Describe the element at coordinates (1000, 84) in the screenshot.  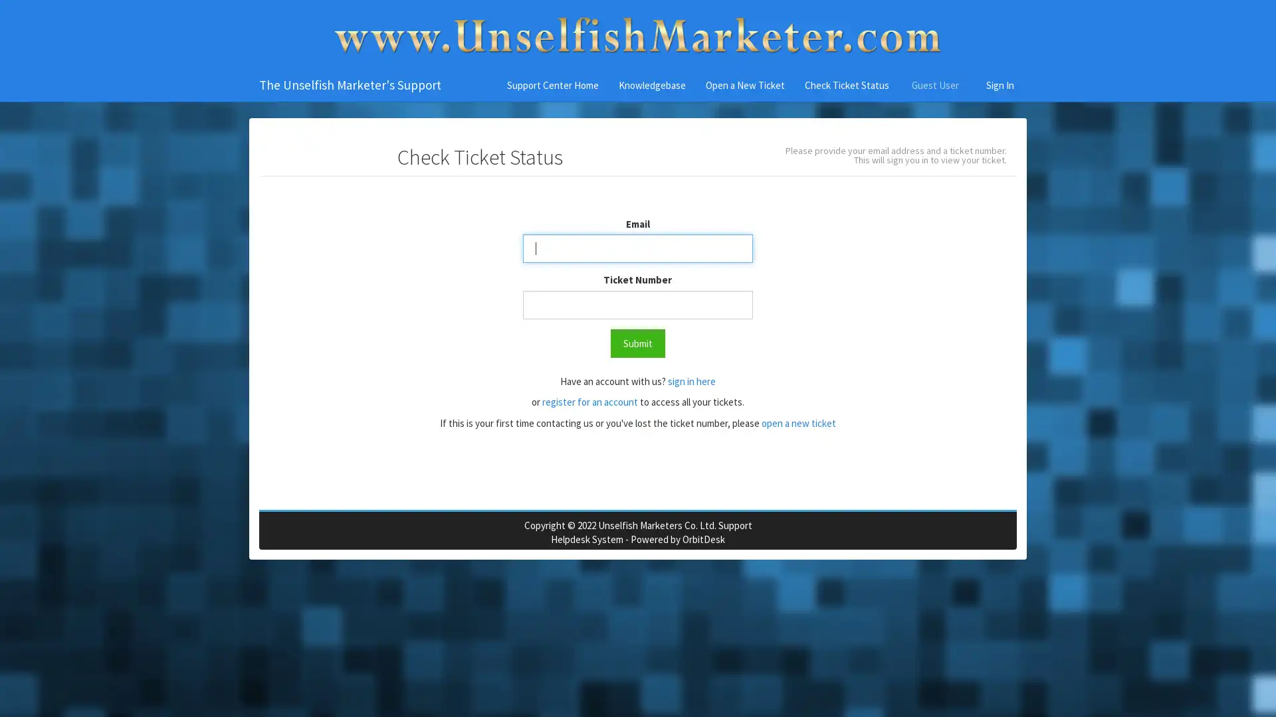
I see `Sign In` at that location.